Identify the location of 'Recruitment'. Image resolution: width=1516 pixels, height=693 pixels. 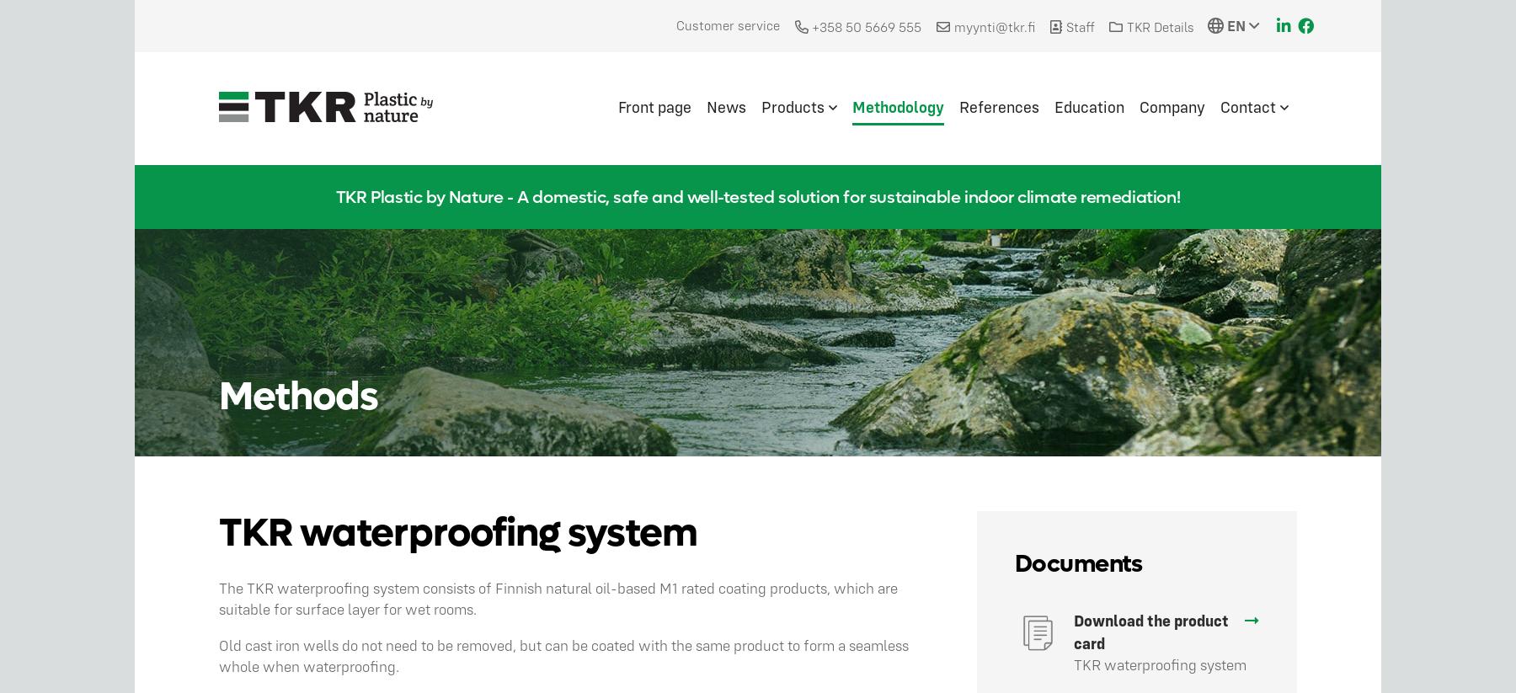
(1284, 205).